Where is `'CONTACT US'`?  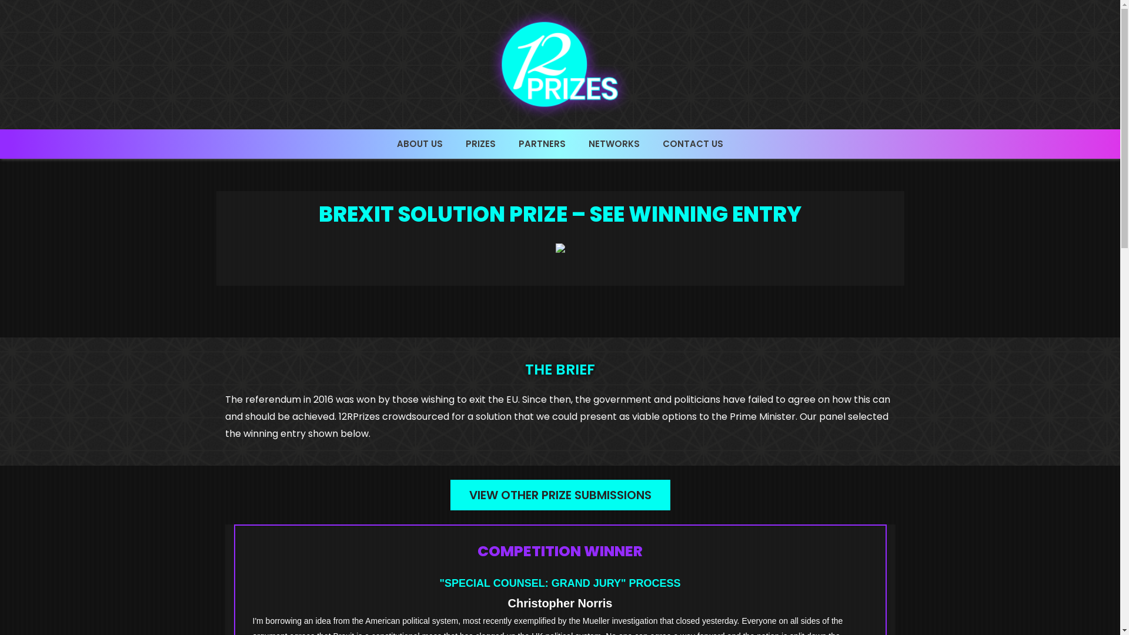
'CONTACT US' is located at coordinates (663, 143).